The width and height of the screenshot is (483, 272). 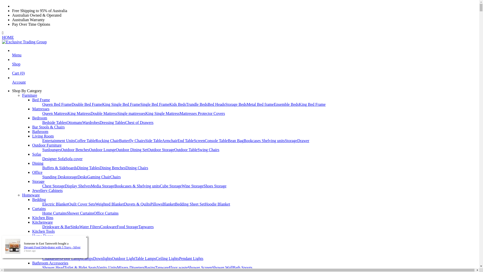 I want to click on 'Homeware', so click(x=31, y=195).